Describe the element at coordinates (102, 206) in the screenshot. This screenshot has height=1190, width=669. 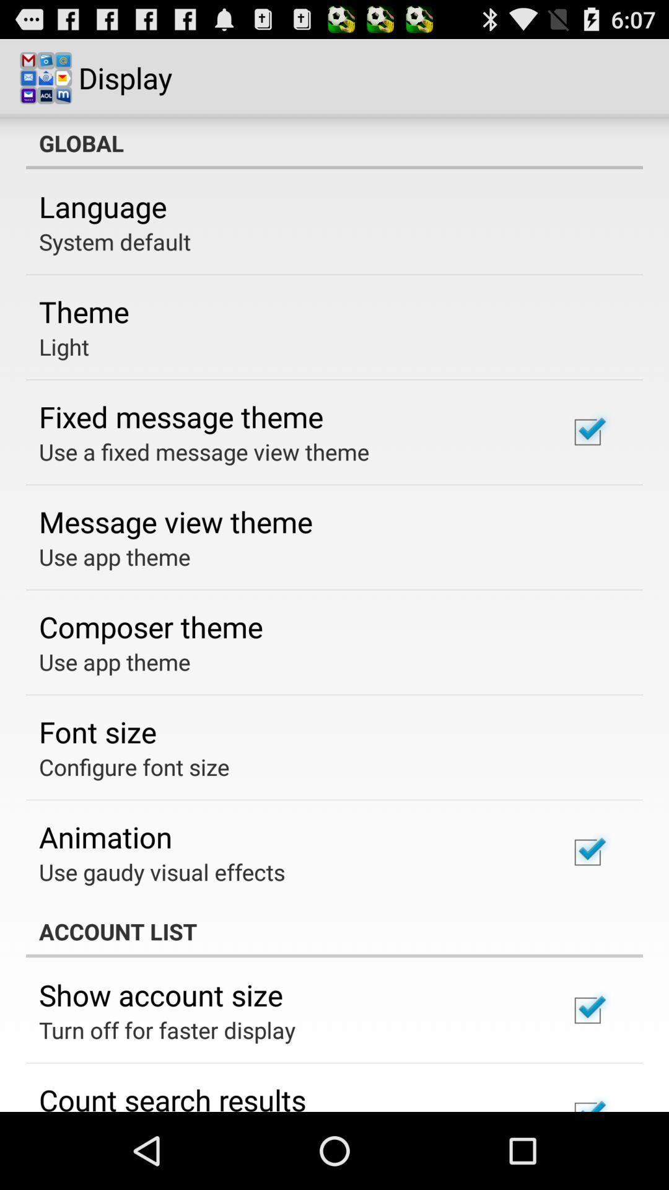
I see `language icon` at that location.